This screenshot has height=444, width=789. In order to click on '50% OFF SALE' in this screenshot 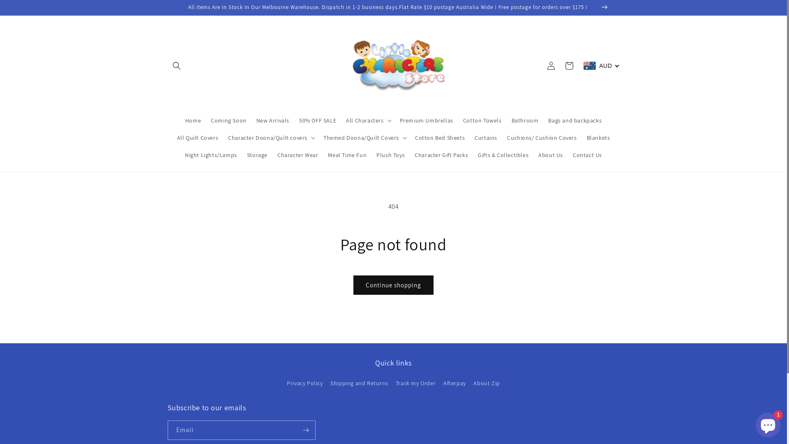, I will do `click(317, 120)`.